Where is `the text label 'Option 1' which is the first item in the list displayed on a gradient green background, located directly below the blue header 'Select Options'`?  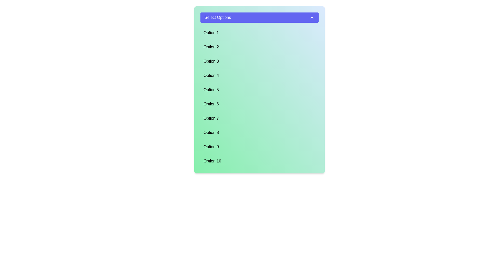 the text label 'Option 1' which is the first item in the list displayed on a gradient green background, located directly below the blue header 'Select Options' is located at coordinates (211, 33).